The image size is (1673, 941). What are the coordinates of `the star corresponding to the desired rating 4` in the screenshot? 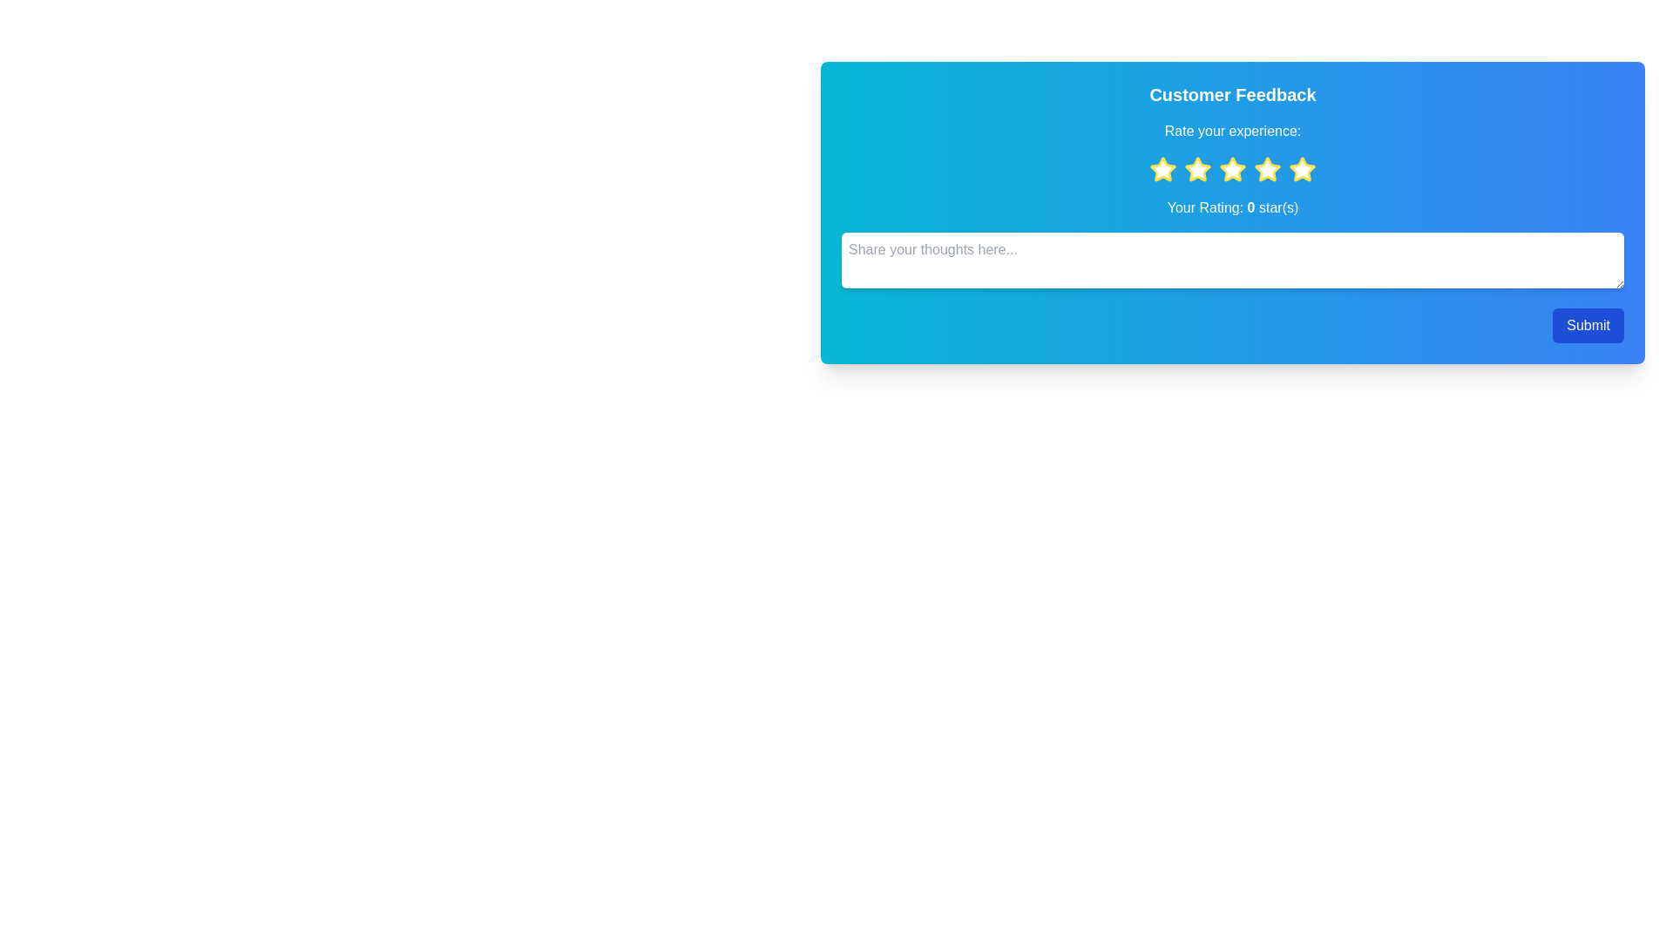 It's located at (1267, 170).